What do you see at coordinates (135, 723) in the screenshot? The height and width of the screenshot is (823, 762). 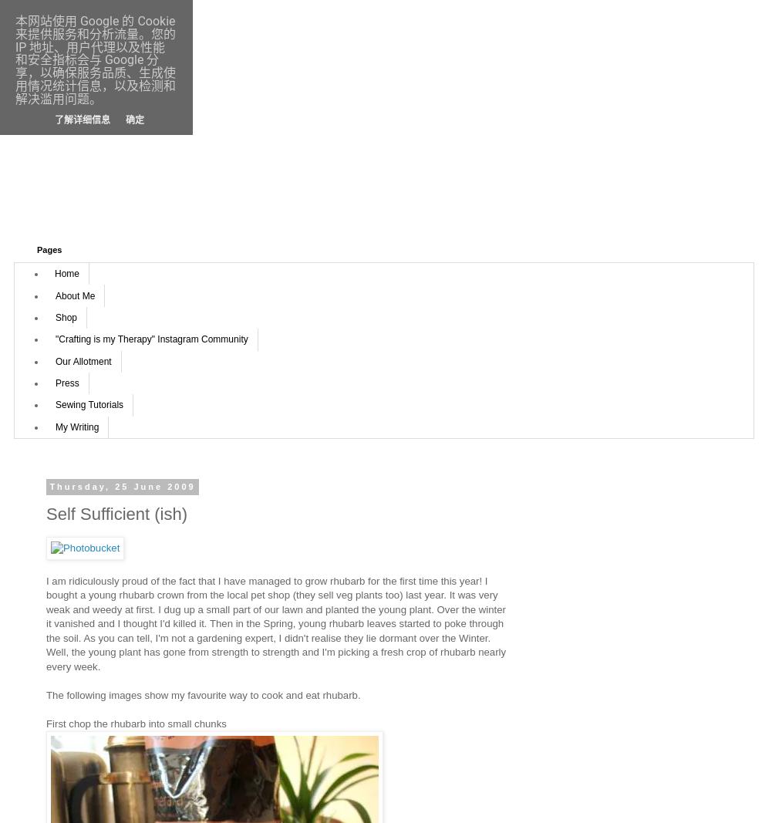 I see `'First chop the rhubarb into small chunks'` at bounding box center [135, 723].